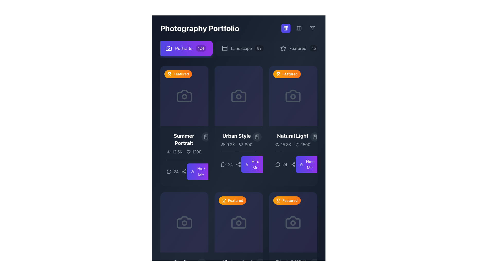 Image resolution: width=494 pixels, height=278 pixels. I want to click on the bold, white text label reading 'Urban Style' to observe its color change to indigo, so click(236, 136).